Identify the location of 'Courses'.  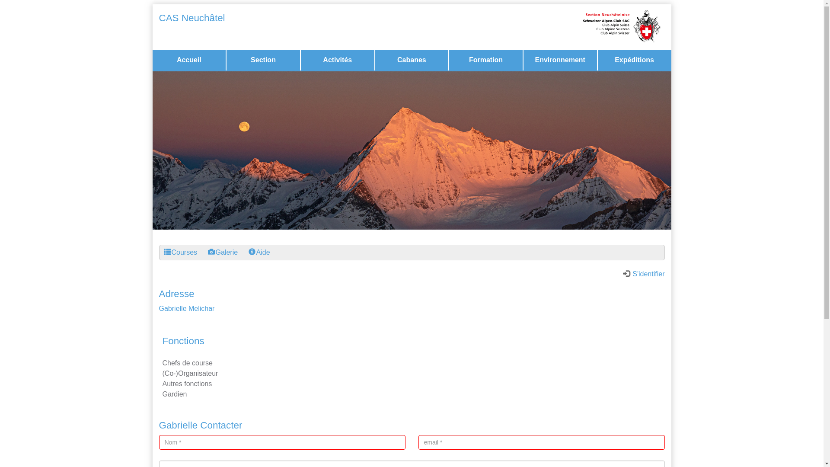
(180, 252).